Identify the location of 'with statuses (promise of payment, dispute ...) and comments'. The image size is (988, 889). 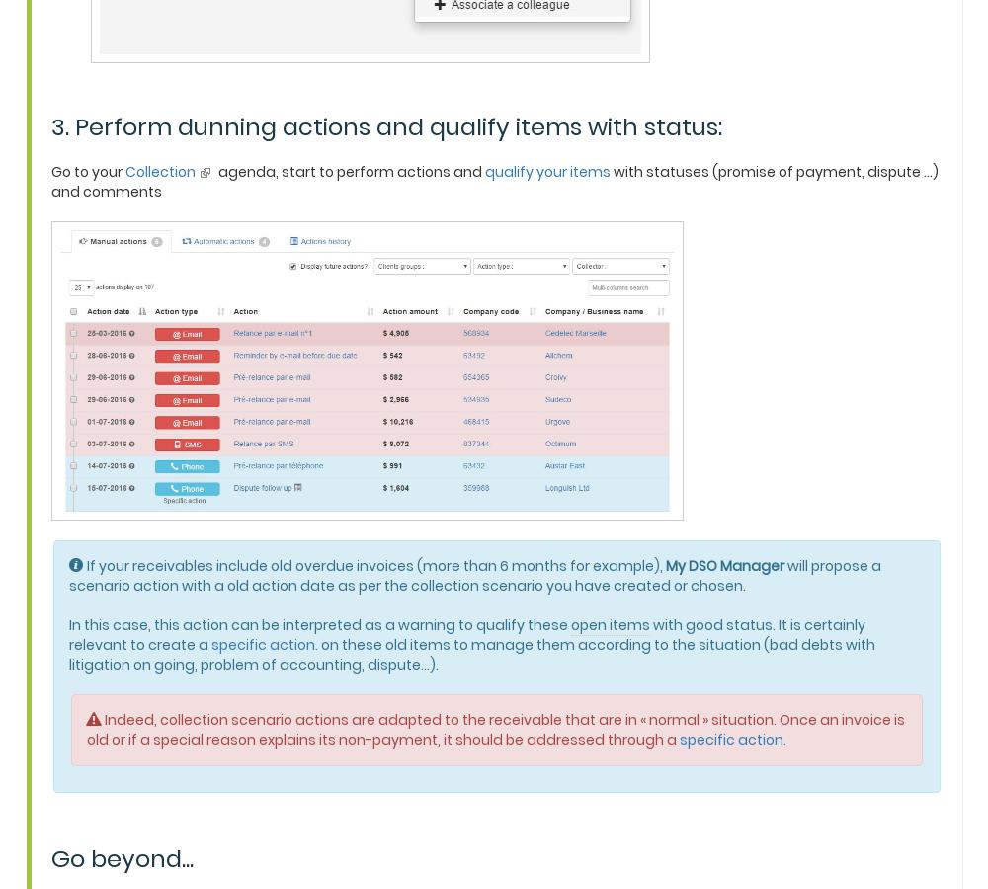
(495, 181).